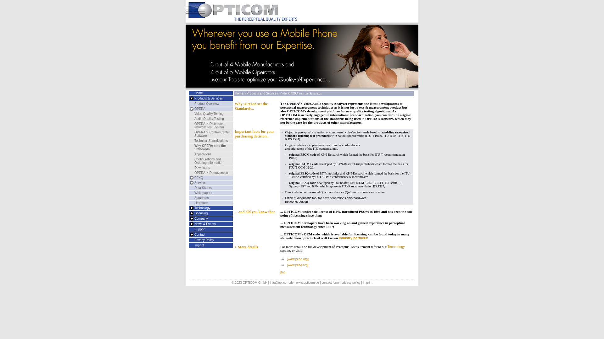  Describe the element at coordinates (338, 238) in the screenshot. I see `'industry partners'` at that location.